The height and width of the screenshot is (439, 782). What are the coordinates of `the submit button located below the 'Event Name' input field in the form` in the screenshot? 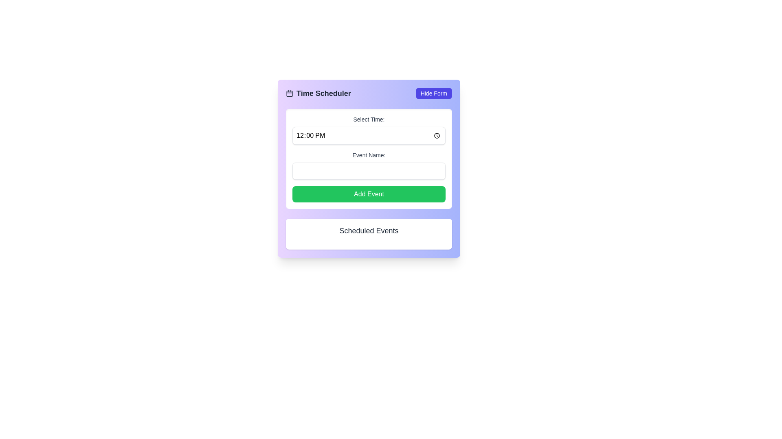 It's located at (369, 194).